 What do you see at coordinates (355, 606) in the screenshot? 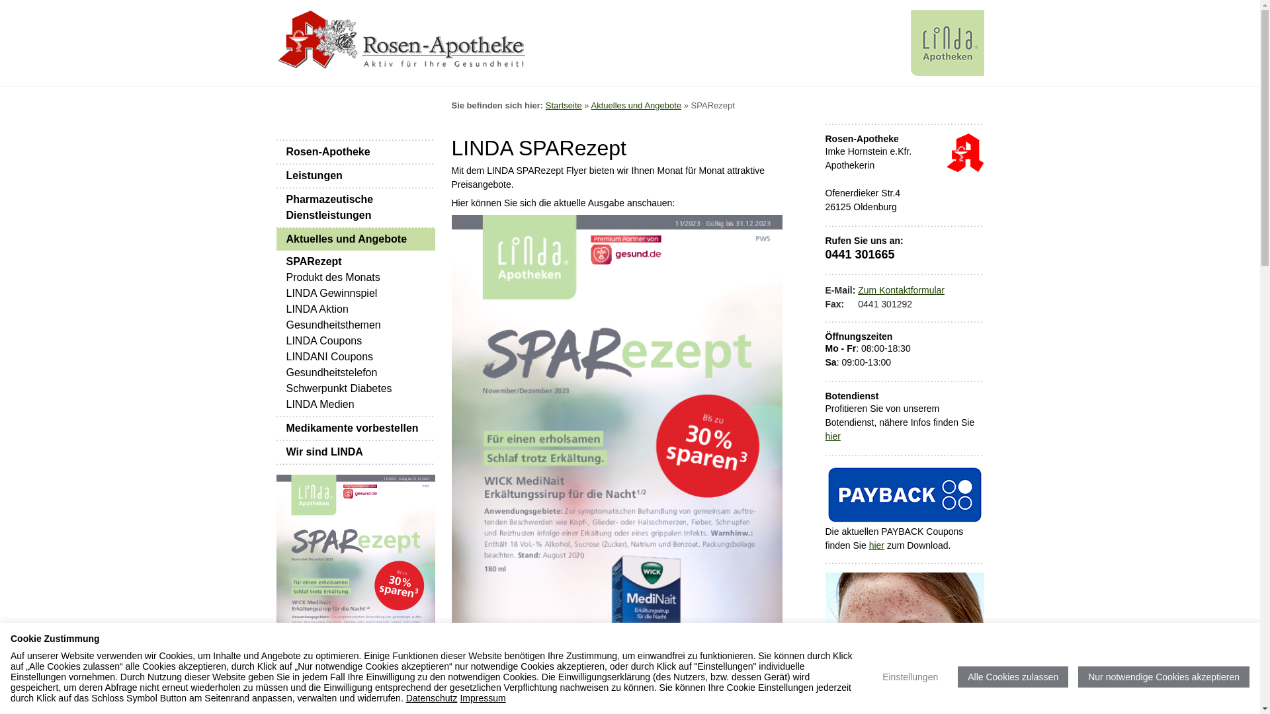
I see `'SPARezept'` at bounding box center [355, 606].